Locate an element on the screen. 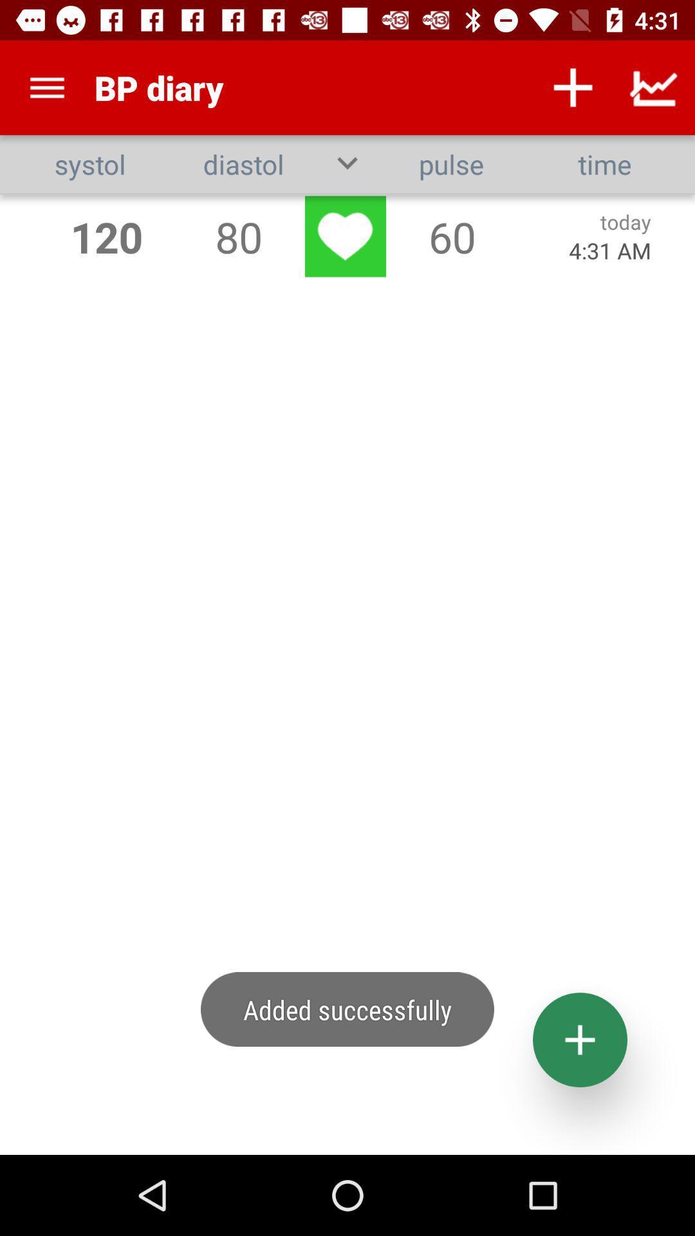 The height and width of the screenshot is (1236, 695). the item below the systol app is located at coordinates (106, 236).